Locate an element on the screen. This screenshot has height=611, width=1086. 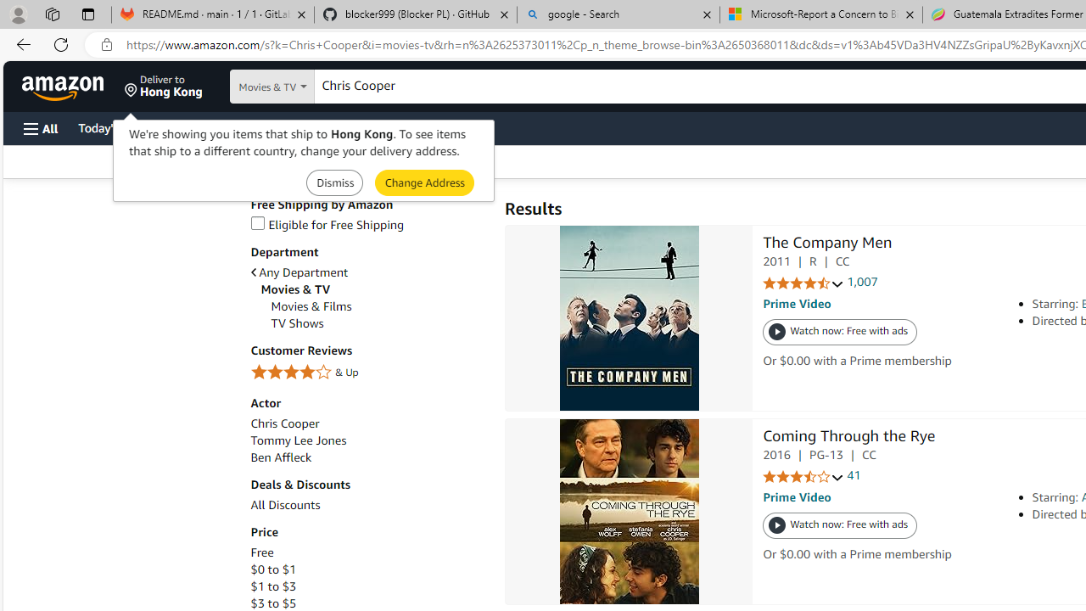
'TV Shows' is located at coordinates (297, 323).